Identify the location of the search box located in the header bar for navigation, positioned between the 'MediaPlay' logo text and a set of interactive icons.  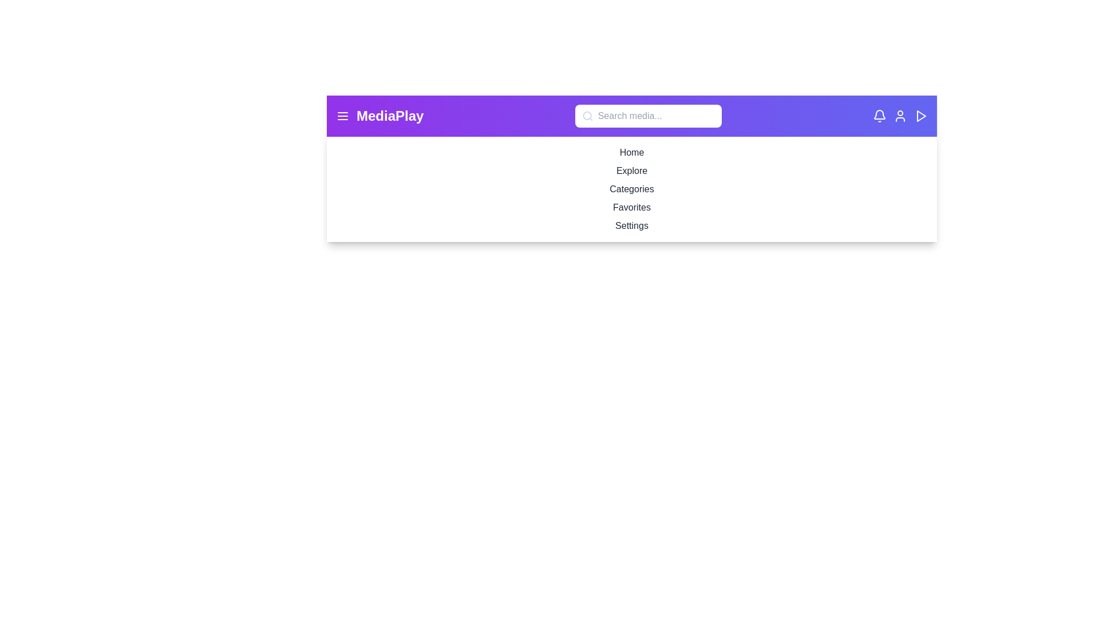
(631, 116).